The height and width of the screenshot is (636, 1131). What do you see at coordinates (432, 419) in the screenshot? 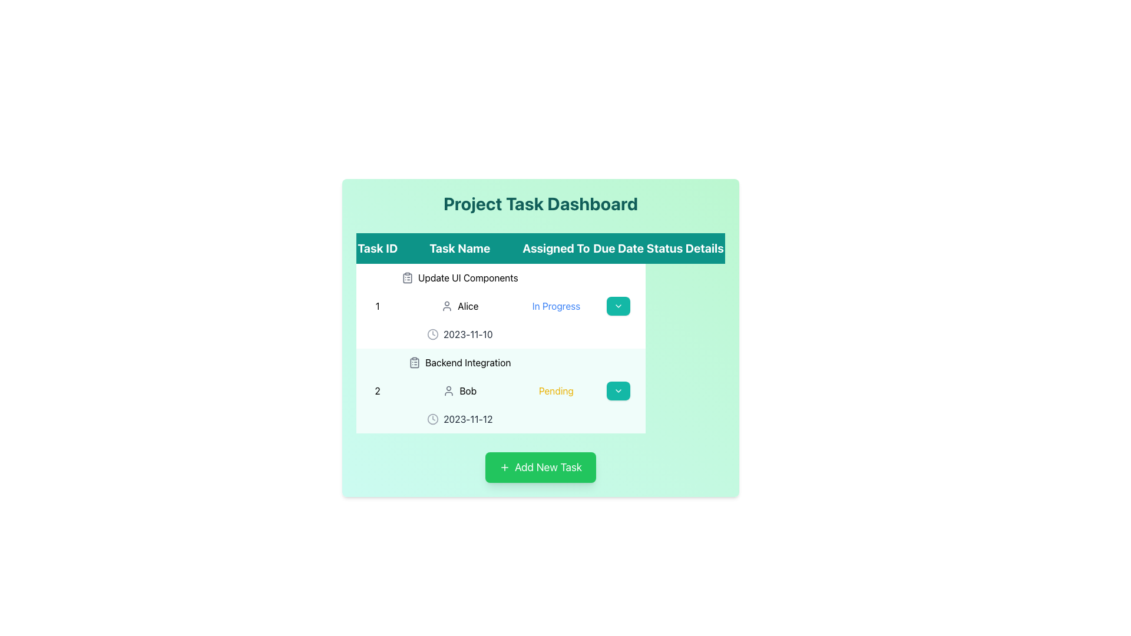
I see `the SVG Circle component representing the outer circle of the clock icon next to the due date '2023-11-12' for the task 'Backend Integration' in the task dashboard` at bounding box center [432, 419].